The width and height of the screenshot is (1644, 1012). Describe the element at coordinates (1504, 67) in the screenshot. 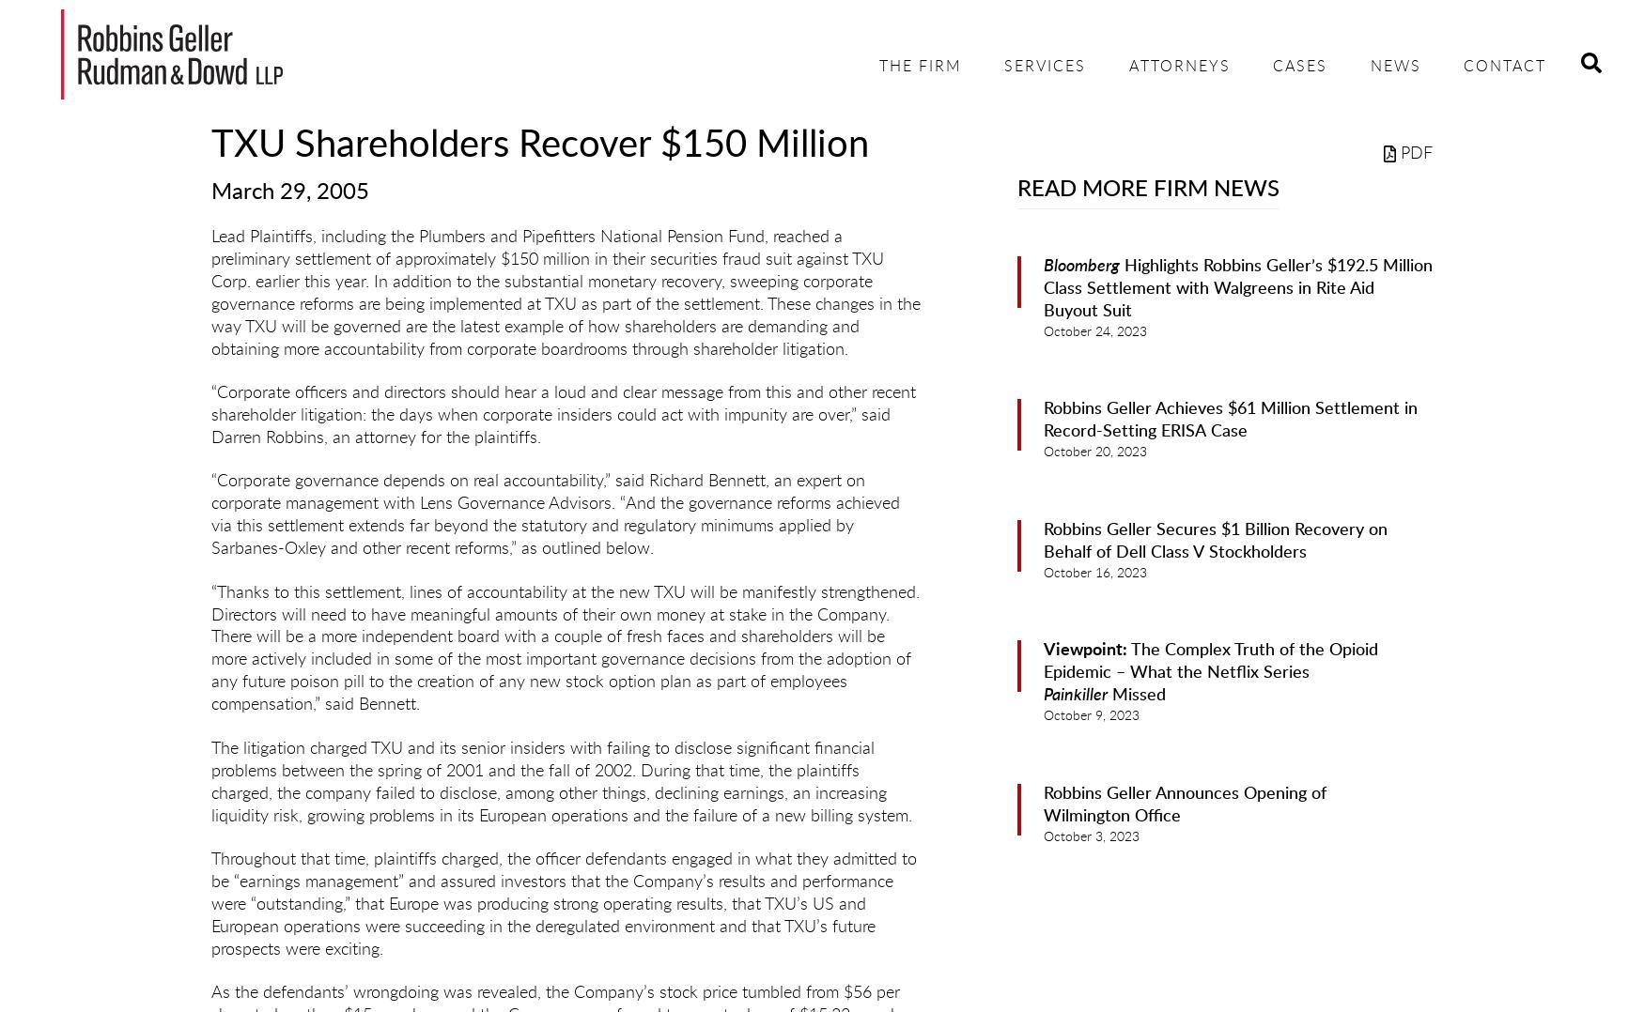

I see `'Contact'` at that location.